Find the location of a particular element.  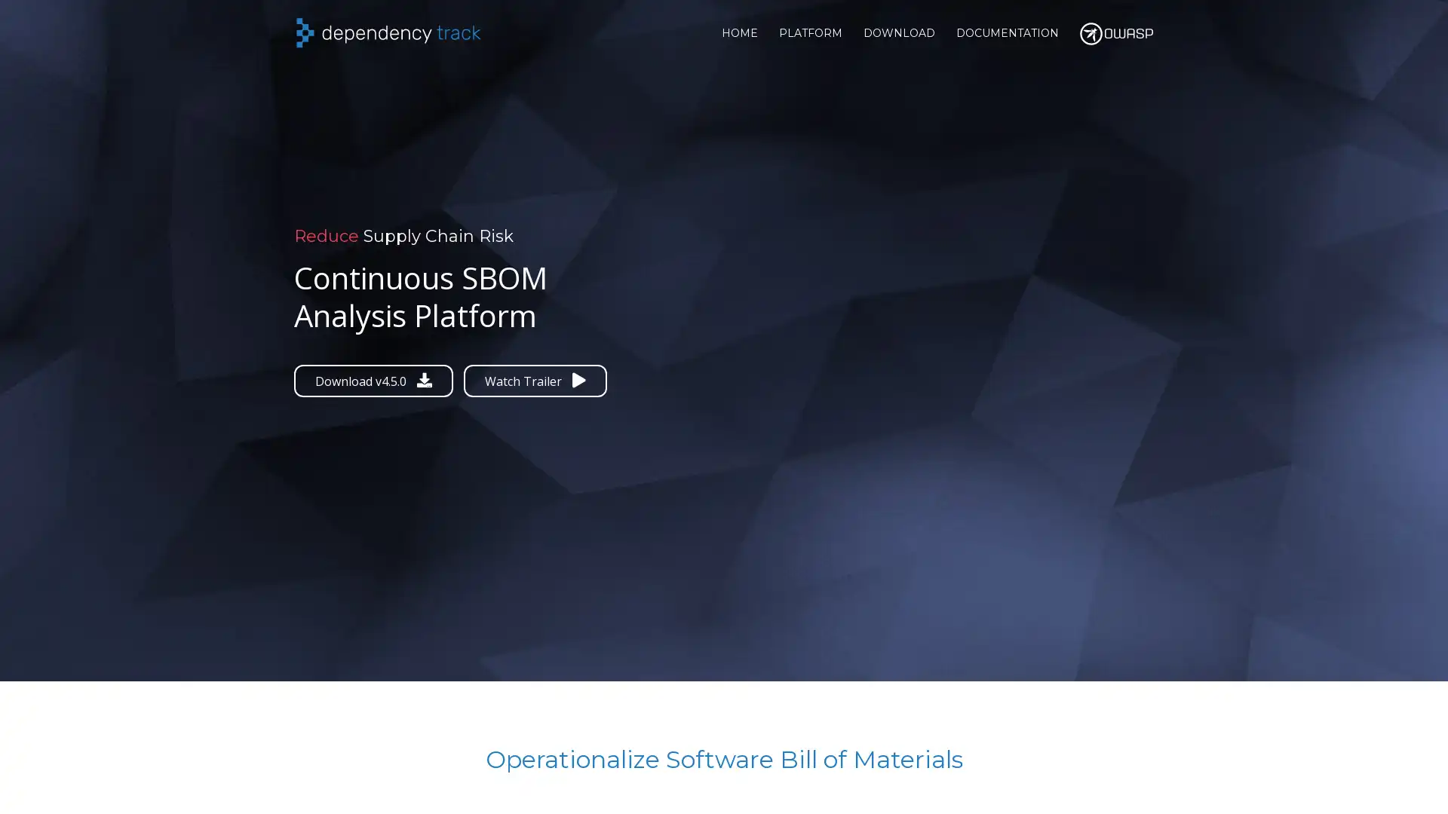

Download v4.5.0 is located at coordinates (373, 380).